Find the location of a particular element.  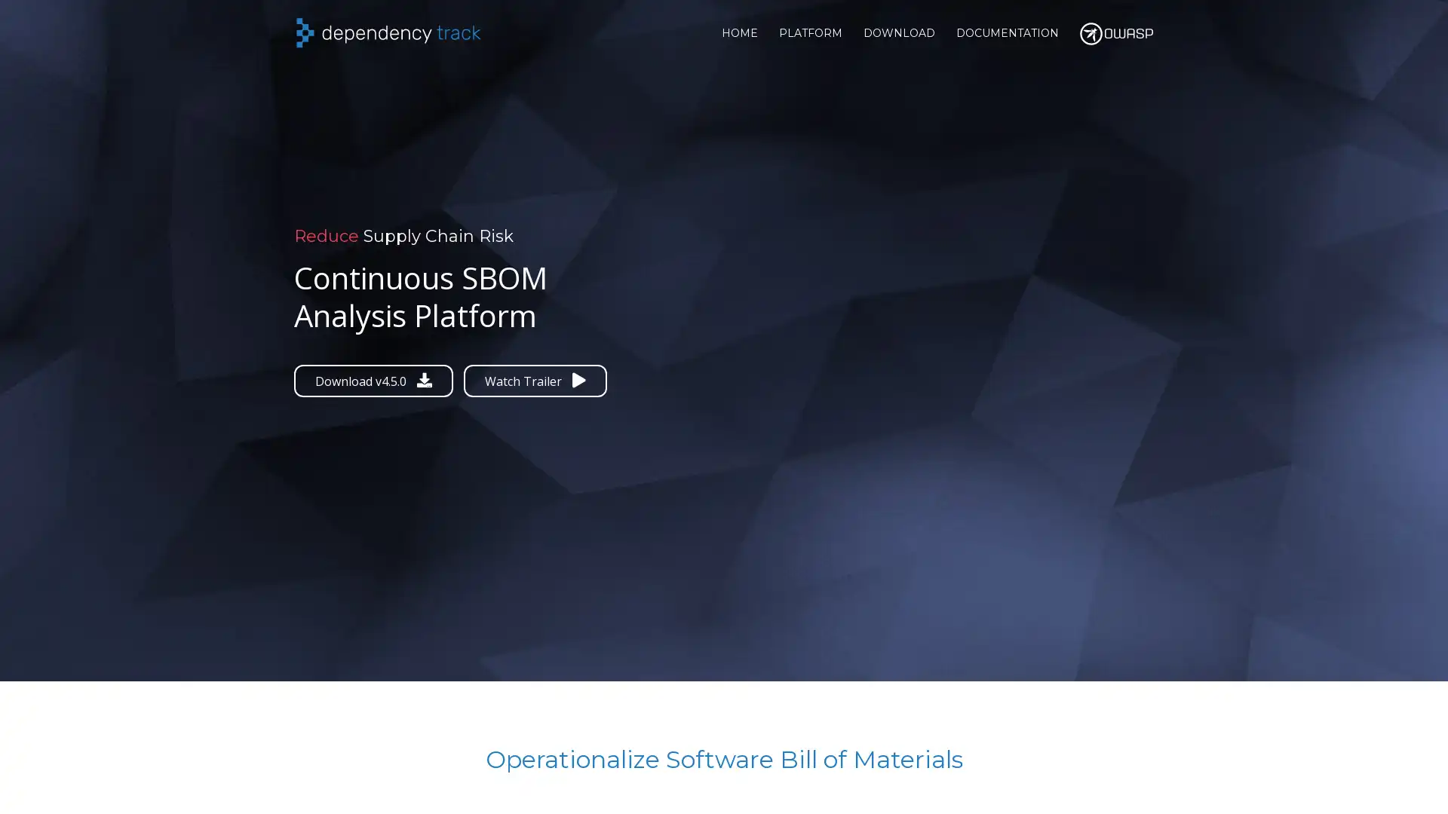

Download v4.5.0 is located at coordinates (373, 380).